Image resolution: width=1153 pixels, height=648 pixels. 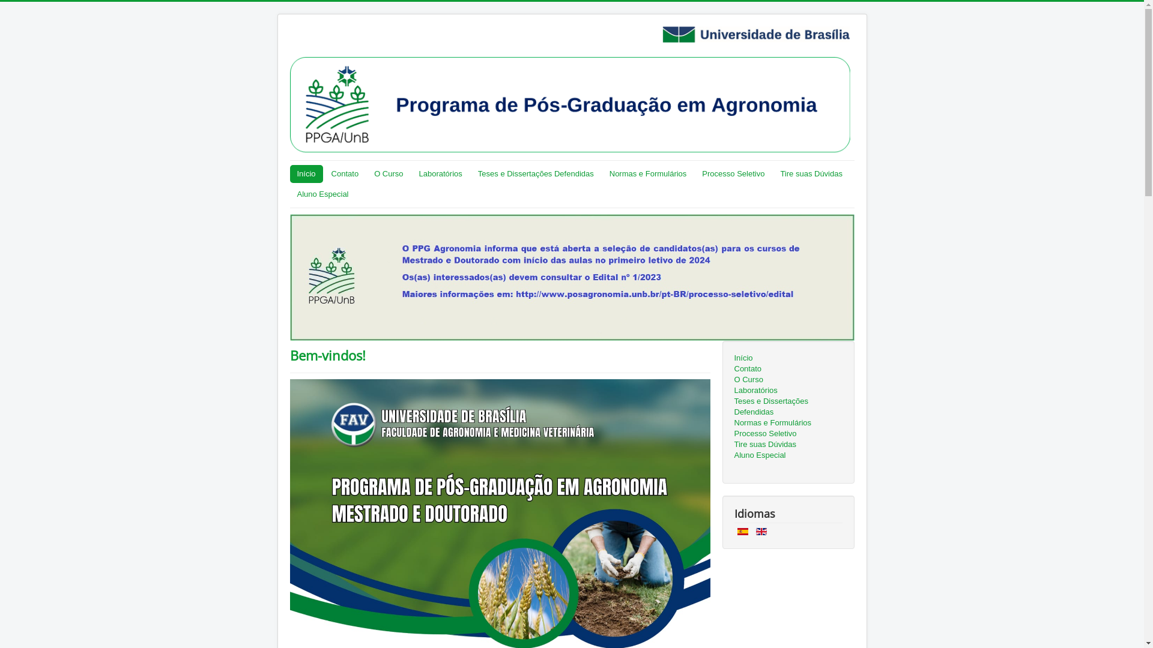 I want to click on 'Aluno Especial', so click(x=322, y=194).